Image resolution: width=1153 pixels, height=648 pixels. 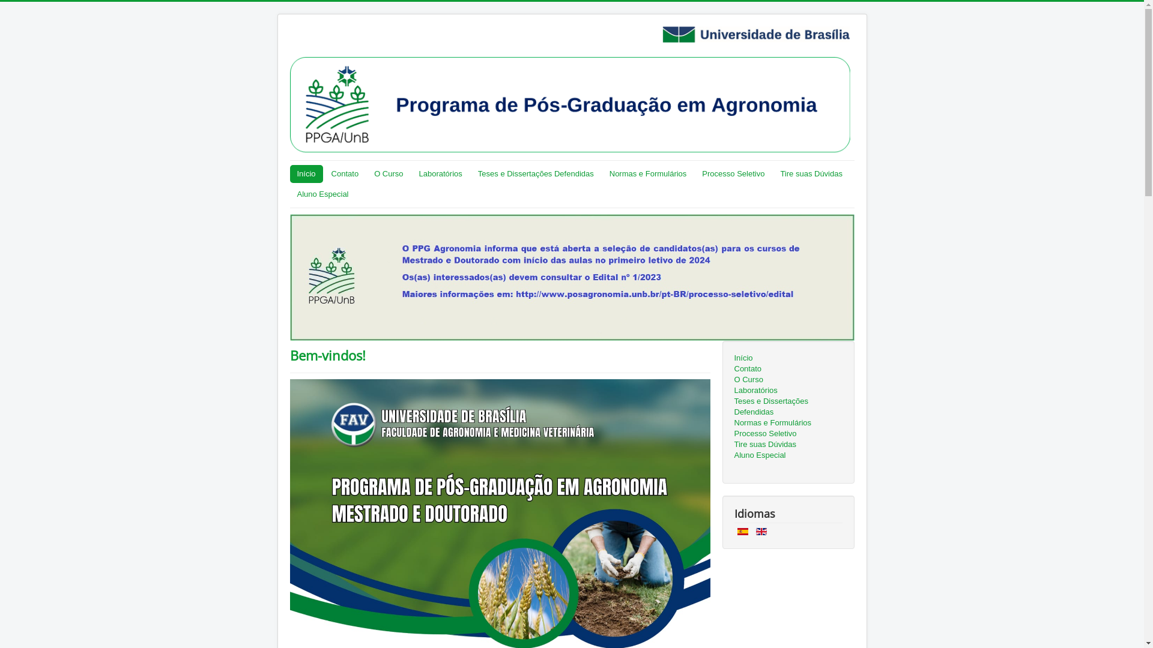 I want to click on 'Aluno Especial', so click(x=322, y=194).